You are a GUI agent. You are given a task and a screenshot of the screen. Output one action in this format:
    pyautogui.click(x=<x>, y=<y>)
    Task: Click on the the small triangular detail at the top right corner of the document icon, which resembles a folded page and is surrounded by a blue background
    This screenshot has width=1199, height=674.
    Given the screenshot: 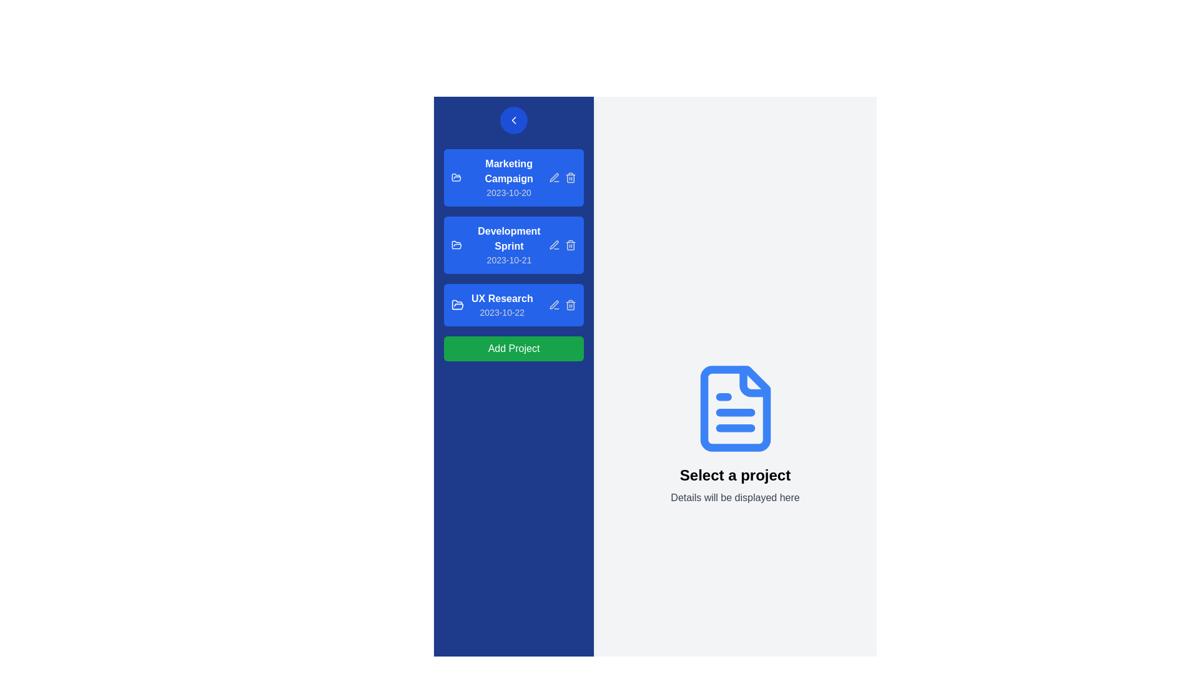 What is the action you would take?
    pyautogui.click(x=754, y=381)
    